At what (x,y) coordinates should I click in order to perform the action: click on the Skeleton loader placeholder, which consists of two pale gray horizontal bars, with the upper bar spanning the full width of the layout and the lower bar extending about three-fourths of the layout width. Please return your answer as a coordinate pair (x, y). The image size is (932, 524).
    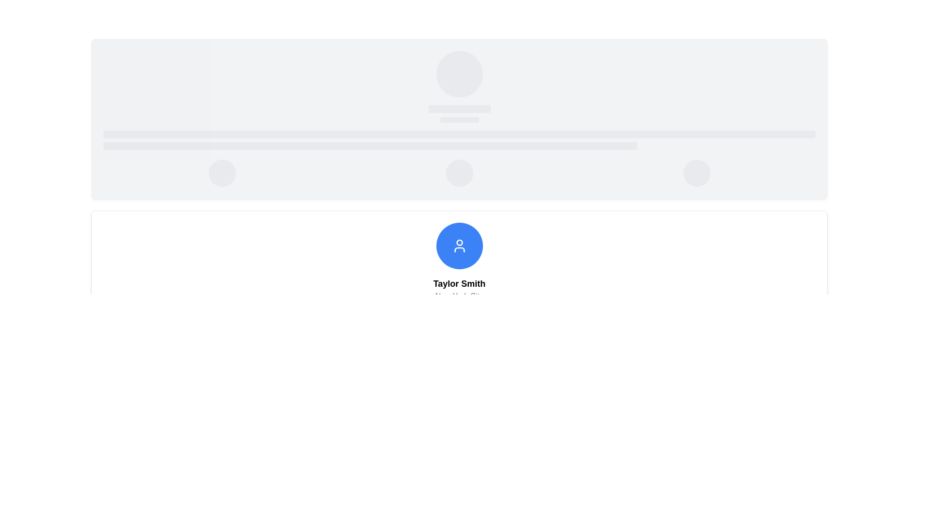
    Looking at the image, I should click on (459, 140).